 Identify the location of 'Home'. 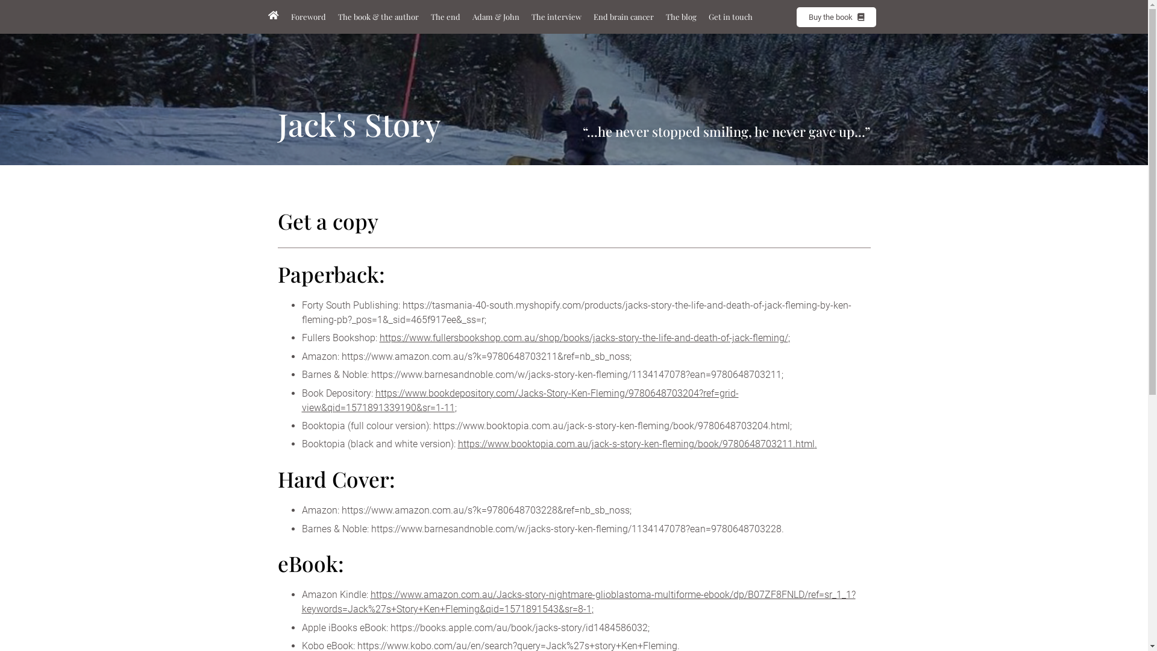
(272, 16).